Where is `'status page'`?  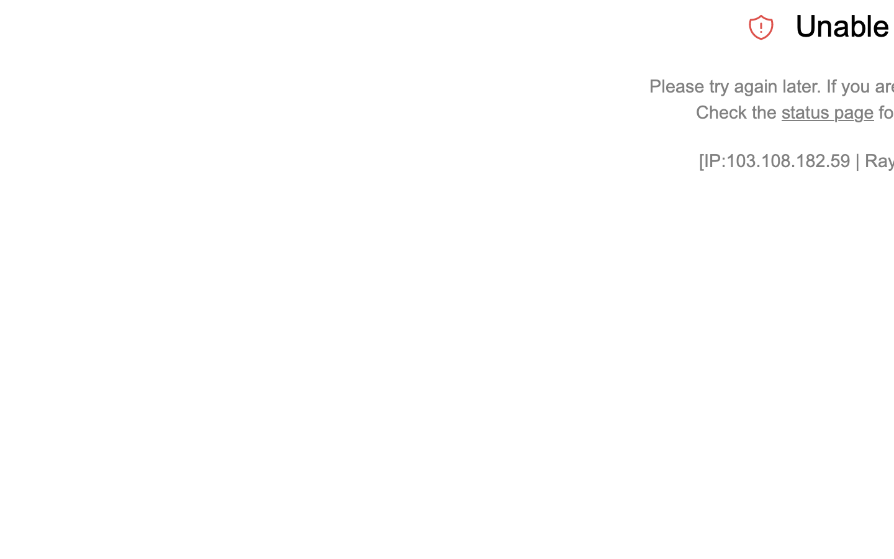
'status page' is located at coordinates (827, 112).